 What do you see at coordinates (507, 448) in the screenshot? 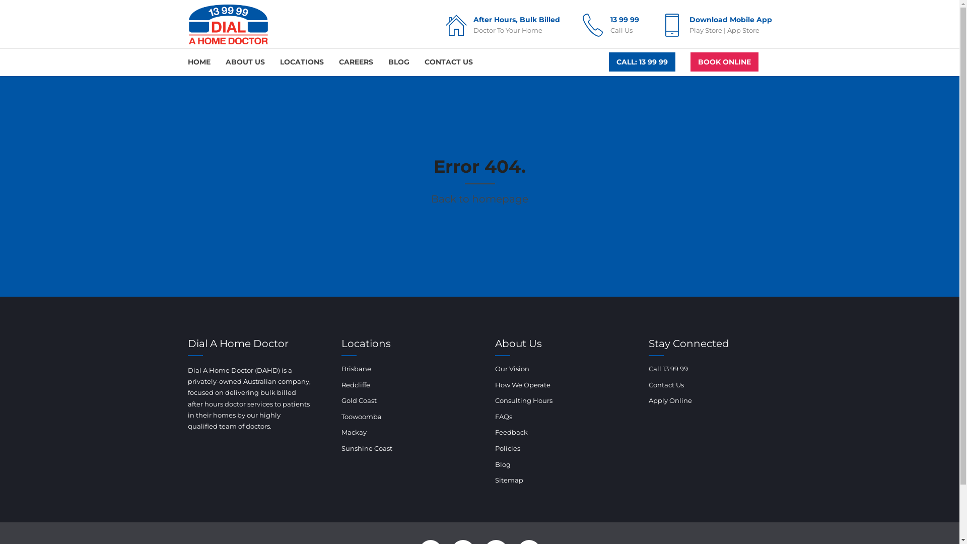
I see `'Policies'` at bounding box center [507, 448].